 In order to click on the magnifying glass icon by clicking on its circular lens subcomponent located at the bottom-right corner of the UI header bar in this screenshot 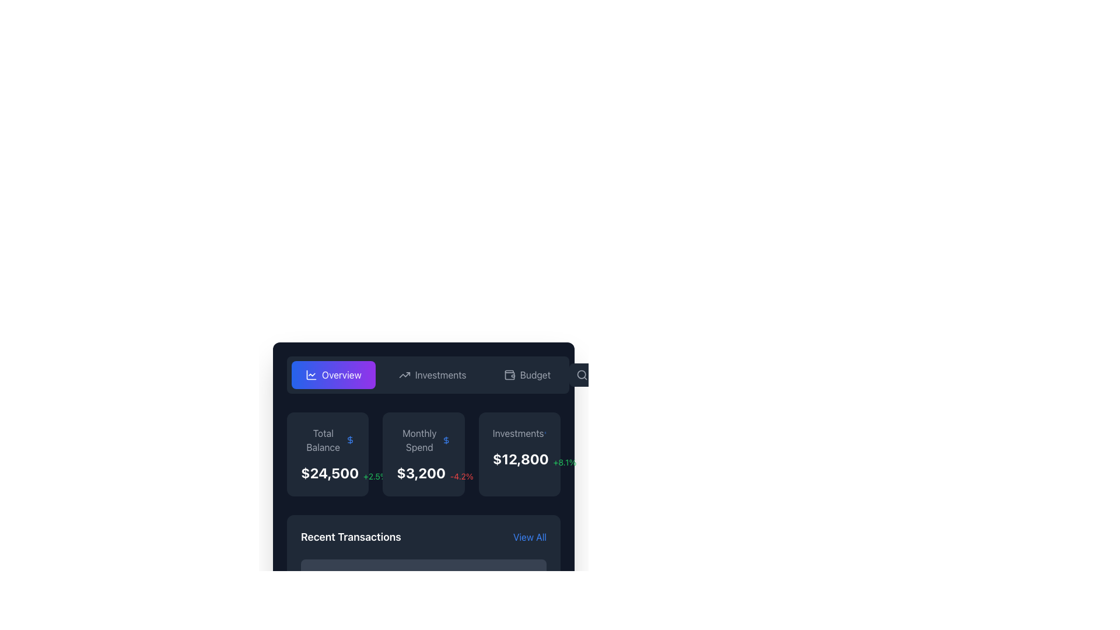, I will do `click(582, 374)`.